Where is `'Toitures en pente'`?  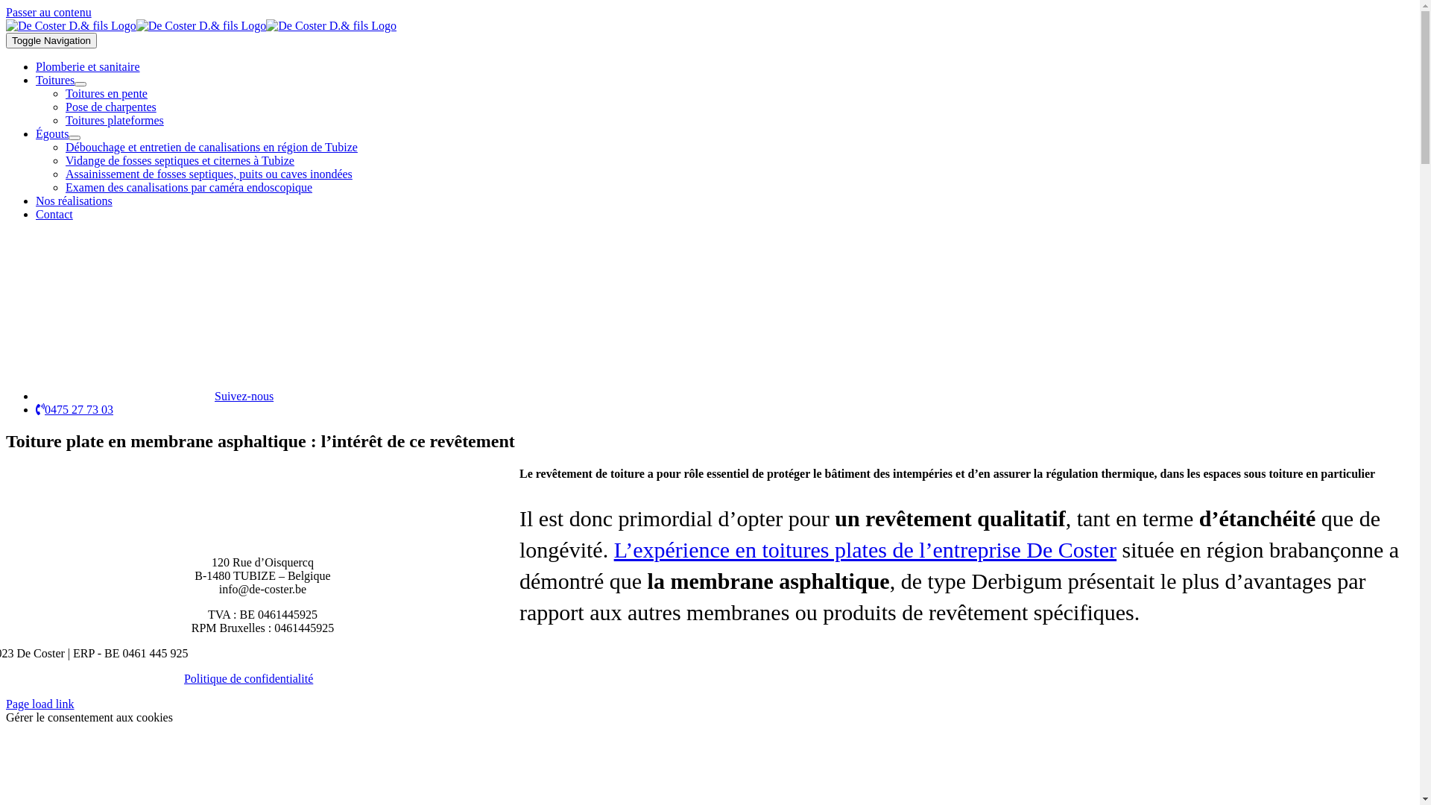
'Toitures en pente' is located at coordinates (106, 93).